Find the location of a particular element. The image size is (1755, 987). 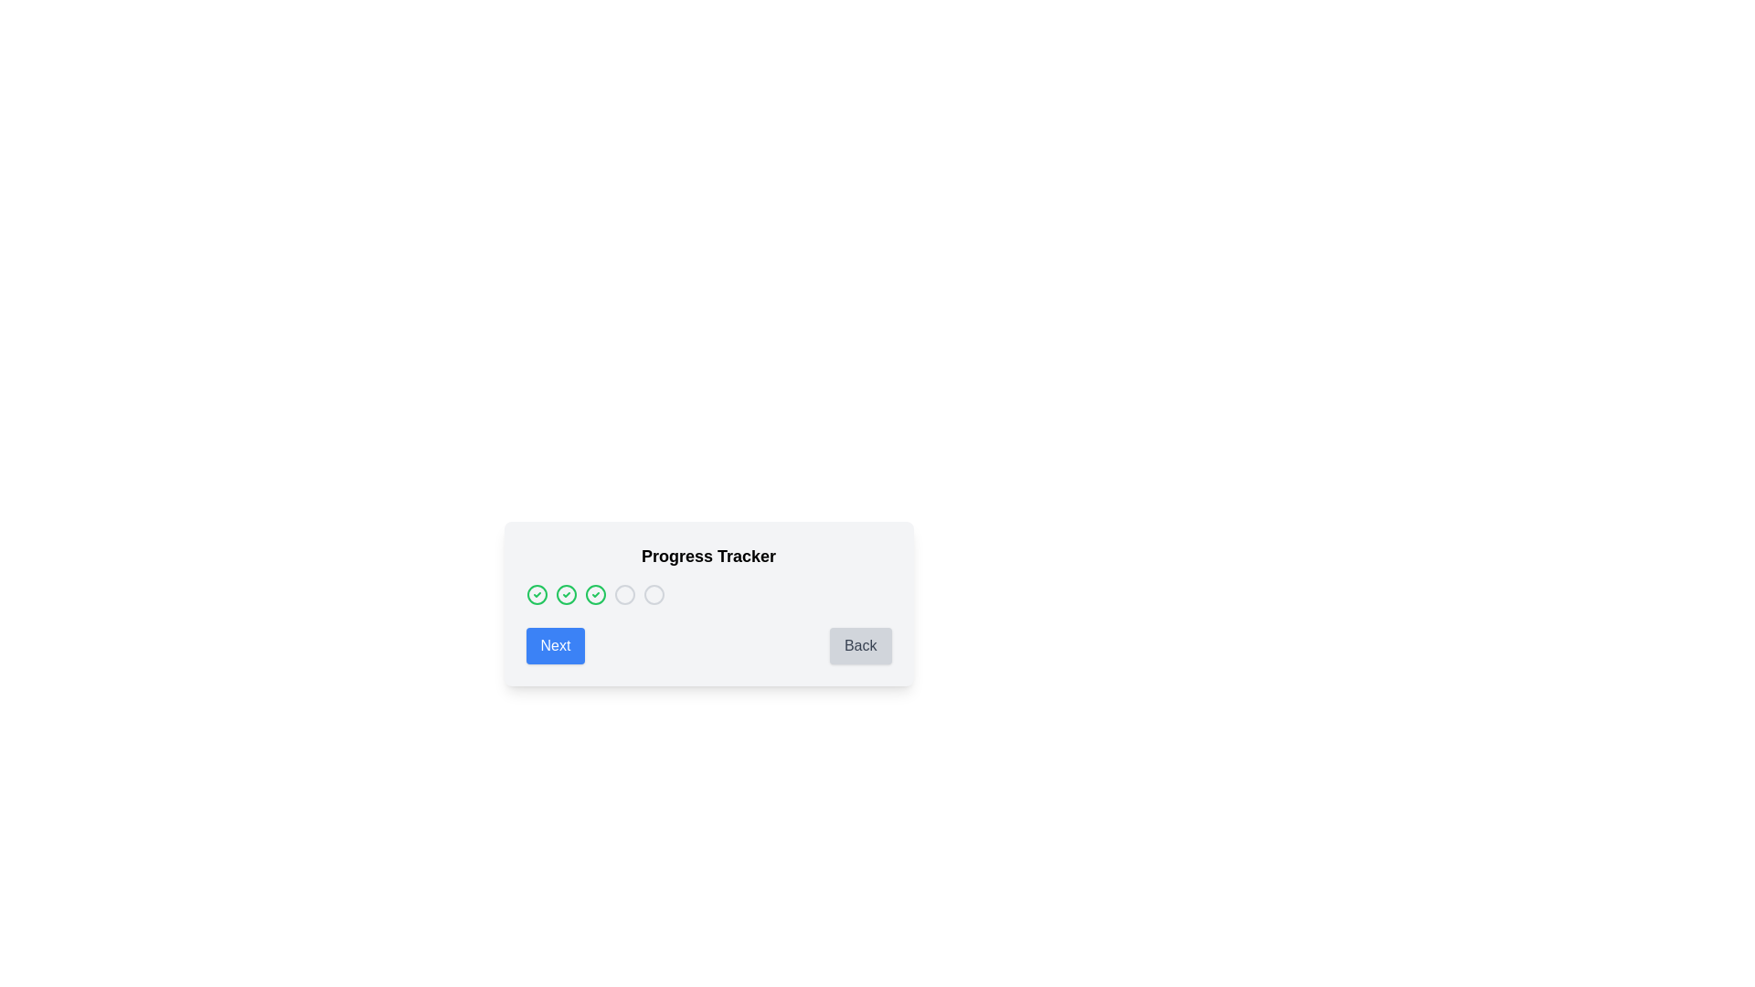

the fourth circular progress step indicator icon is located at coordinates (624, 595).